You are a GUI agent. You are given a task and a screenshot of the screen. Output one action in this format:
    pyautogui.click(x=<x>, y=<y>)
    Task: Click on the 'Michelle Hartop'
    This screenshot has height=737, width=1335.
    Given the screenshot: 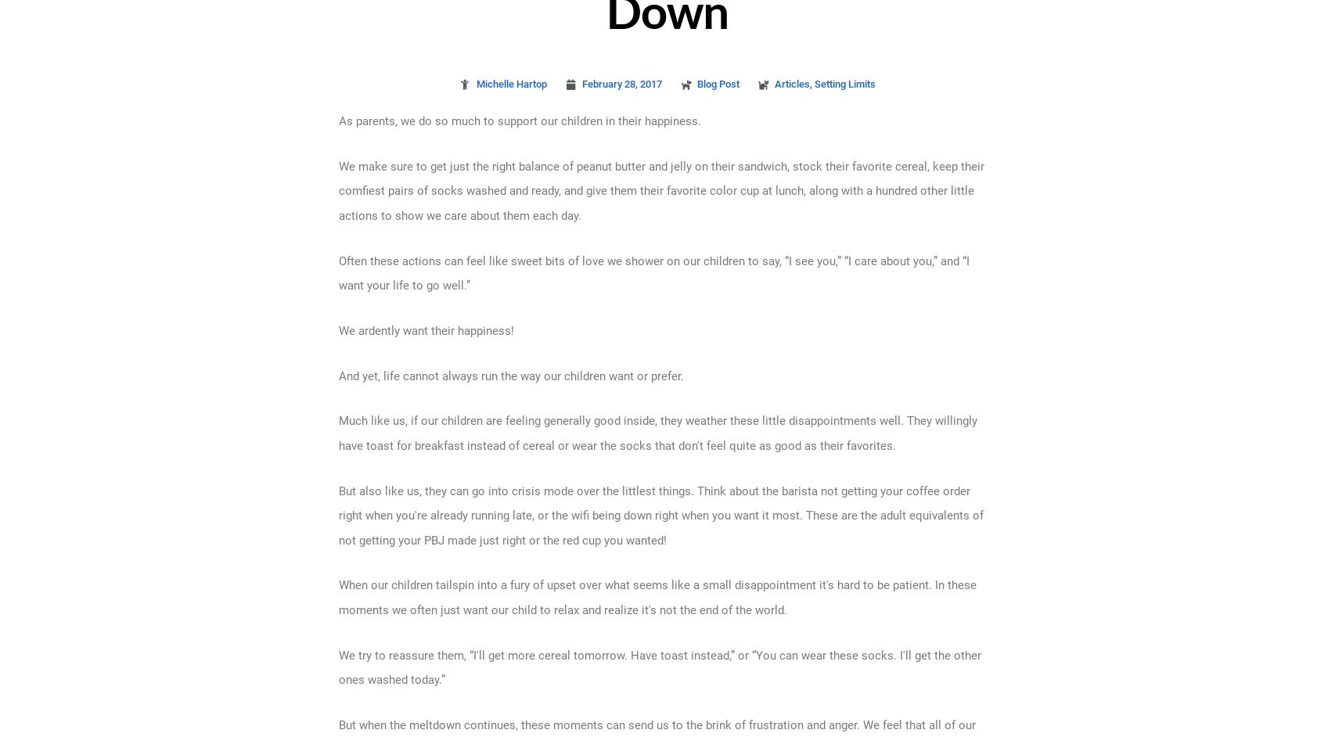 What is the action you would take?
    pyautogui.click(x=510, y=84)
    